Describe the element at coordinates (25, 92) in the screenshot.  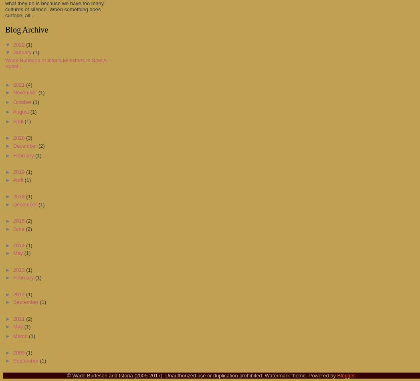
I see `'November'` at that location.